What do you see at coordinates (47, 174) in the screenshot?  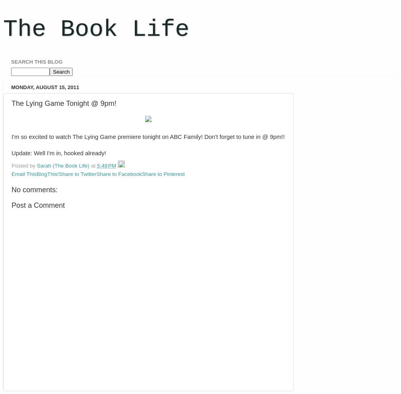 I see `'BlogThis!'` at bounding box center [47, 174].